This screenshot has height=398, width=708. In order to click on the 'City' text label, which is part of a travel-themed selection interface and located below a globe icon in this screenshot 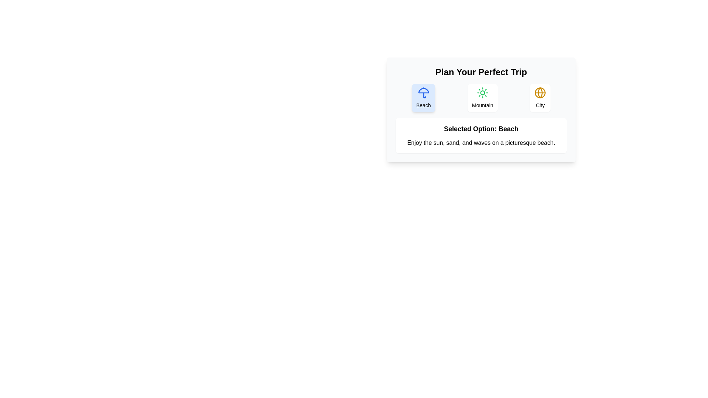, I will do `click(540, 105)`.